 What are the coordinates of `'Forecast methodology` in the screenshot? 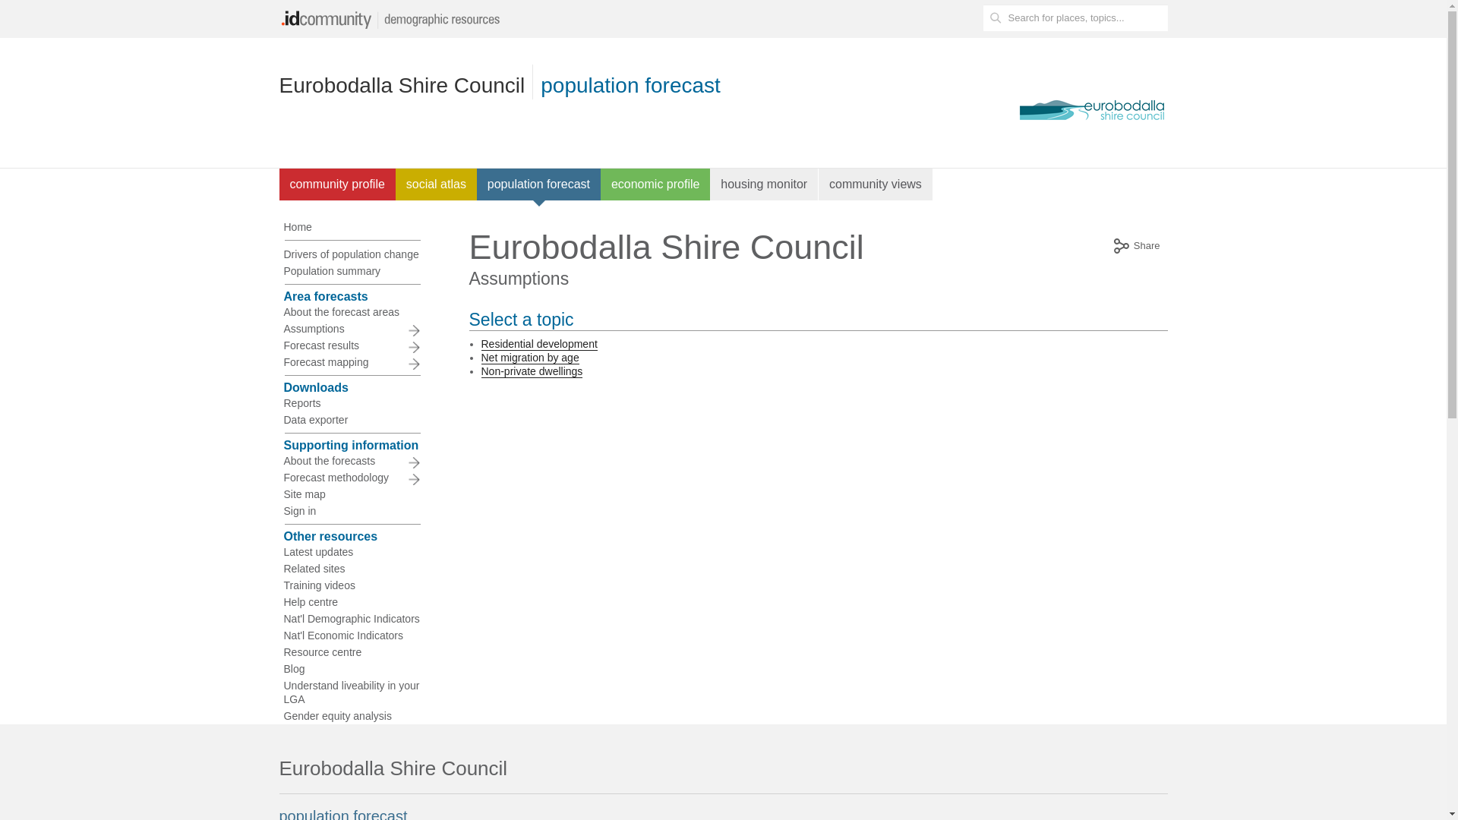 It's located at (350, 476).